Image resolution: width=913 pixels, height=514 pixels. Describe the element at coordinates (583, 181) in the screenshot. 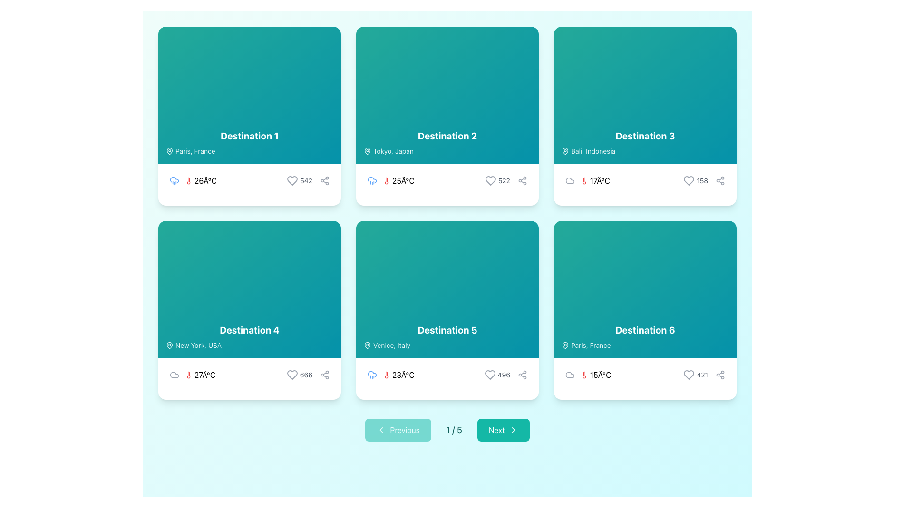

I see `the red thermometer icon located in the weather information row of the 'Destination 3' card, next to the temperature text ('17°C')` at that location.